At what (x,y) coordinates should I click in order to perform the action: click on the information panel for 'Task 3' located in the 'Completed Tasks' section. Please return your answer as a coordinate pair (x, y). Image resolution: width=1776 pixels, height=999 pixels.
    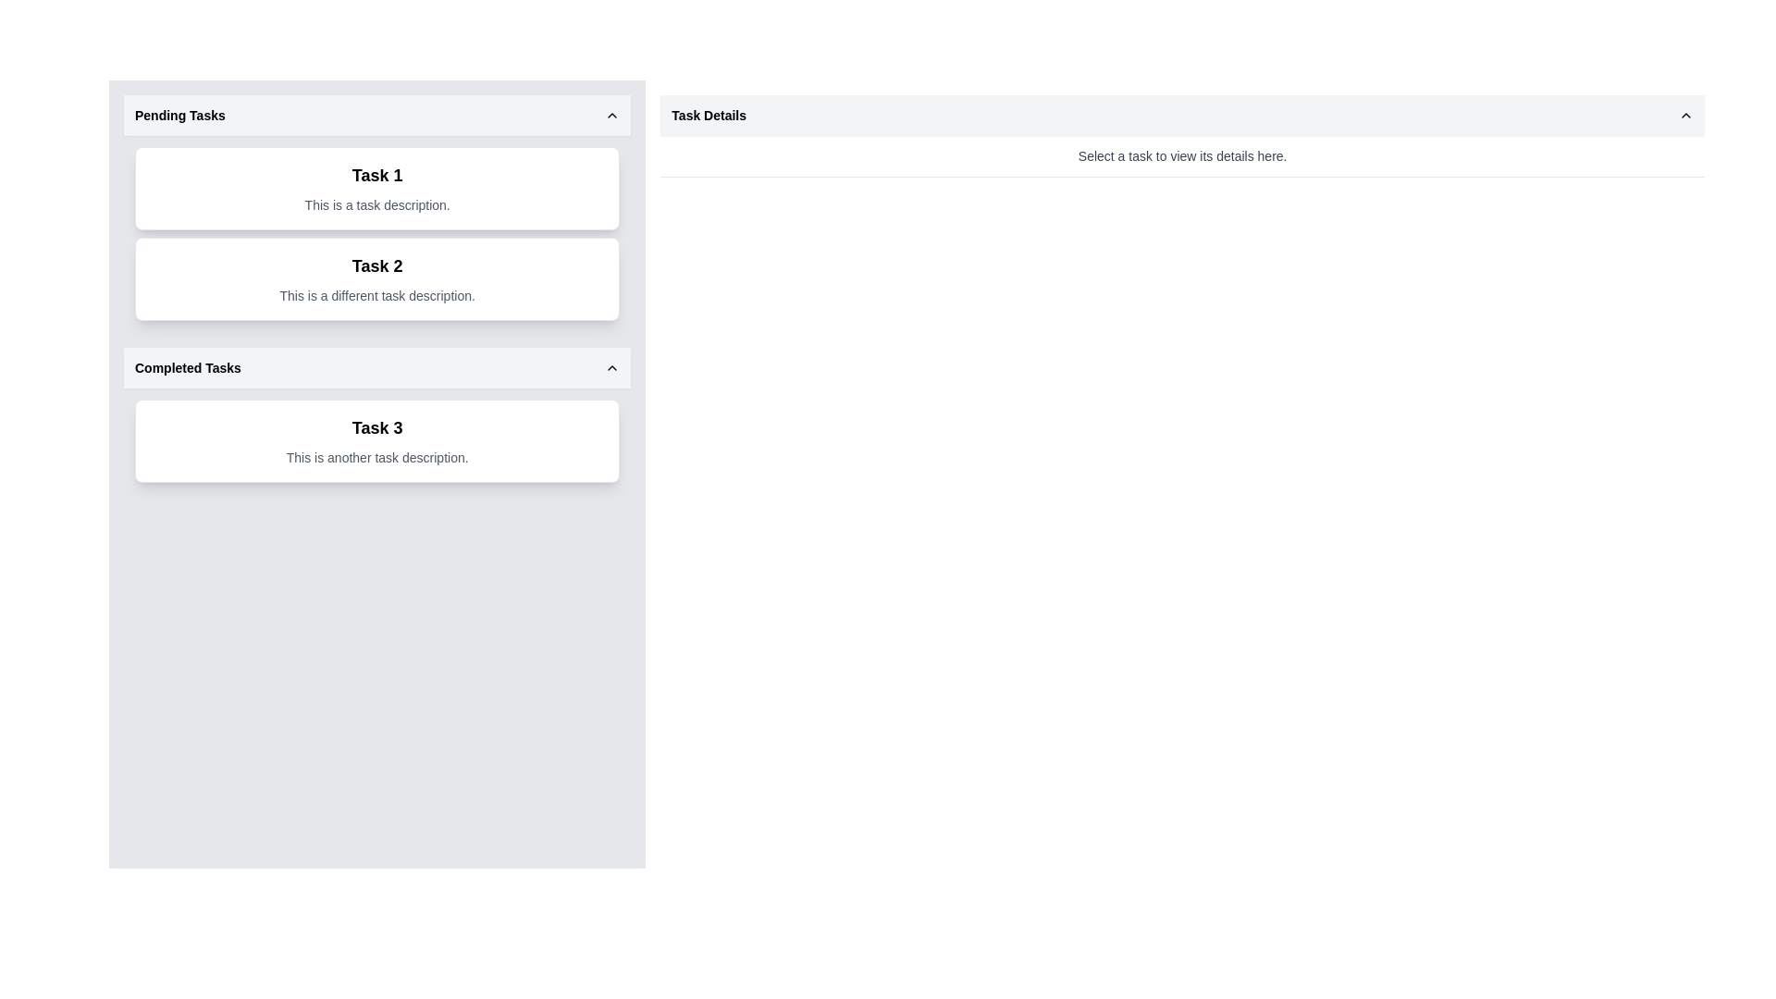
    Looking at the image, I should click on (376, 441).